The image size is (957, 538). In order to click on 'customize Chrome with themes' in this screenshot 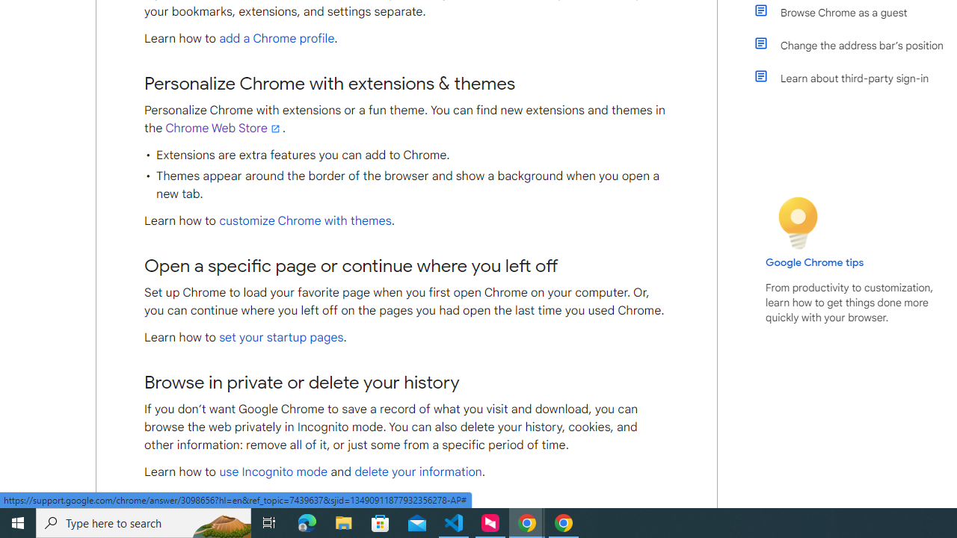, I will do `click(304, 220)`.